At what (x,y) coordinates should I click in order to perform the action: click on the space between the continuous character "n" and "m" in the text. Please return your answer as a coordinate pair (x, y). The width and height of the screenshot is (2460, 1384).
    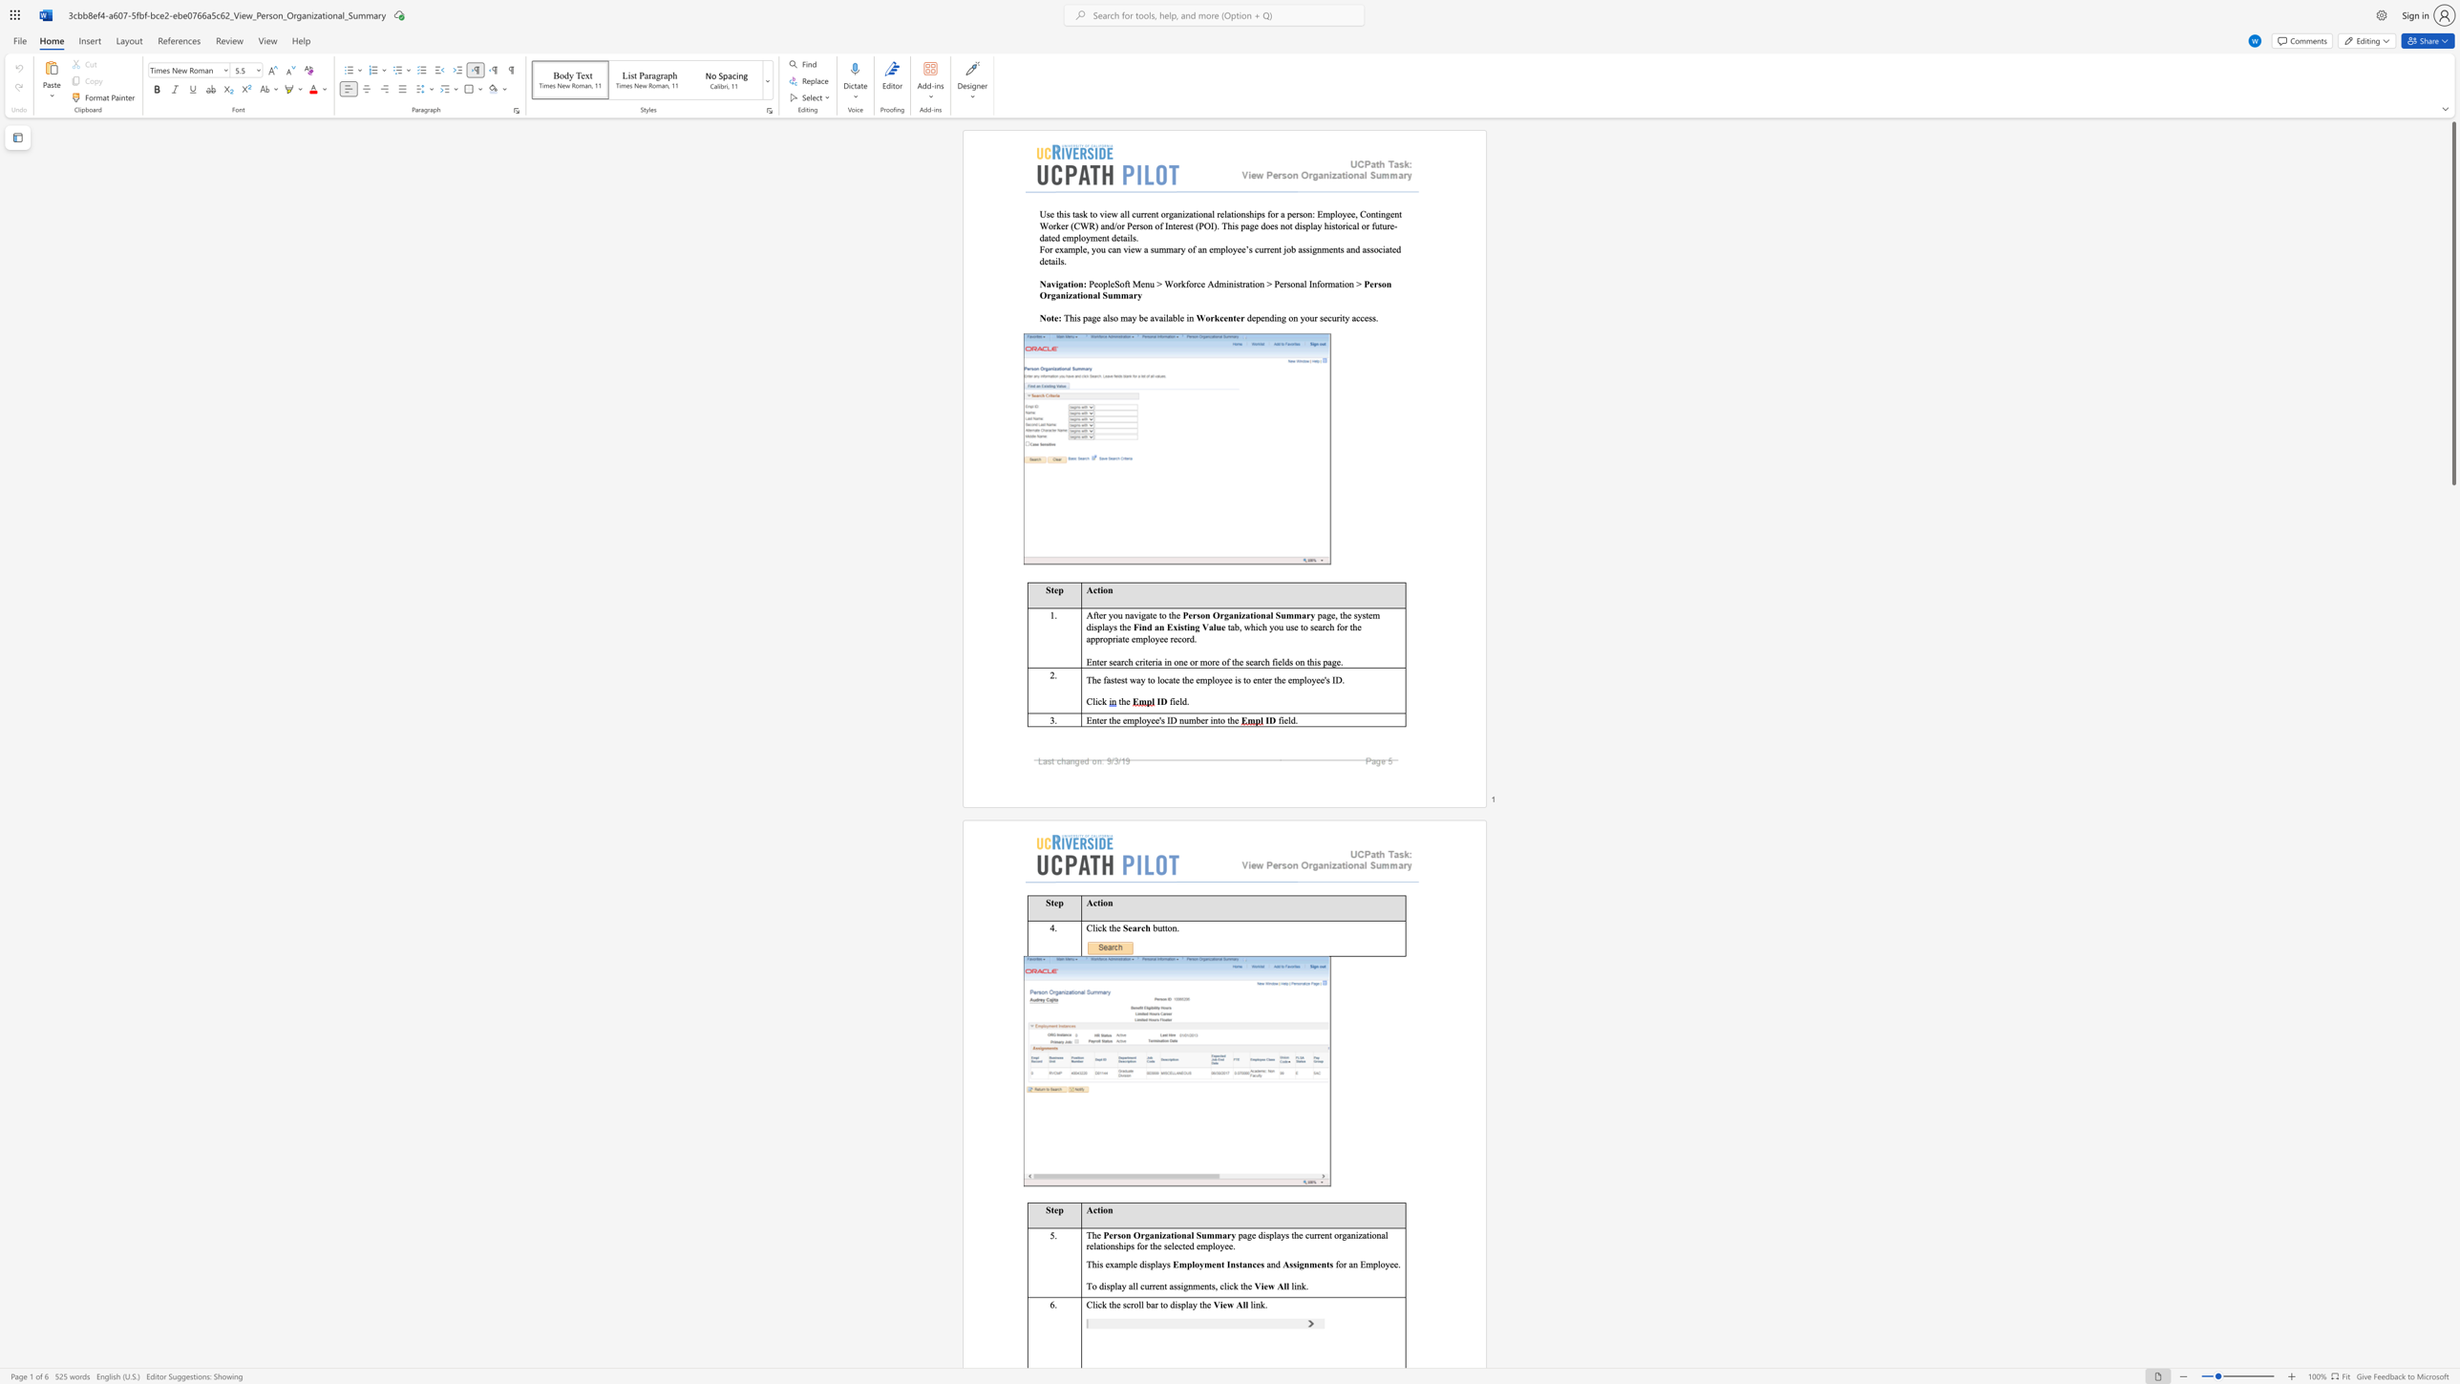
    Looking at the image, I should click on (1322, 248).